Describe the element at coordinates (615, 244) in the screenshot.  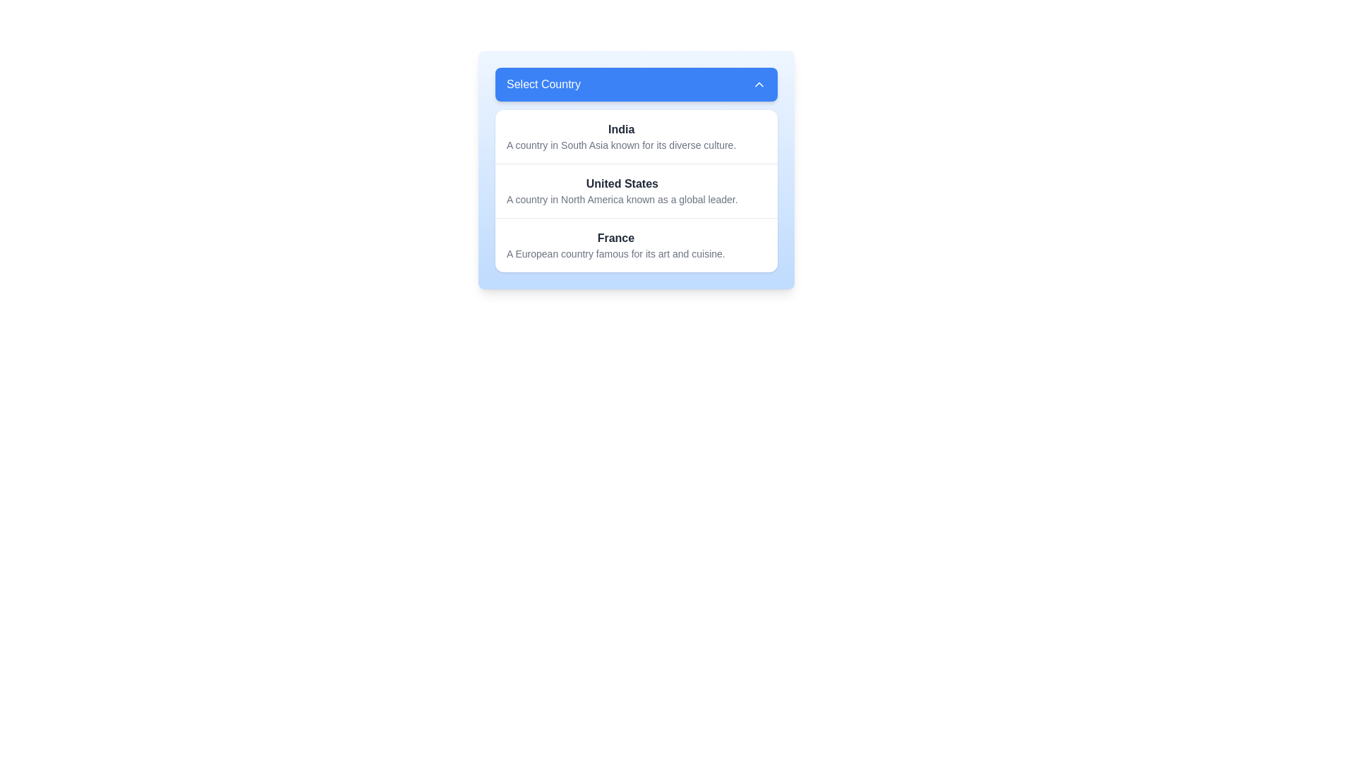
I see `the dropdown option labeled 'France', which is the last item in the list and displays a bold font with dark text color above a smaller, lighter description` at that location.